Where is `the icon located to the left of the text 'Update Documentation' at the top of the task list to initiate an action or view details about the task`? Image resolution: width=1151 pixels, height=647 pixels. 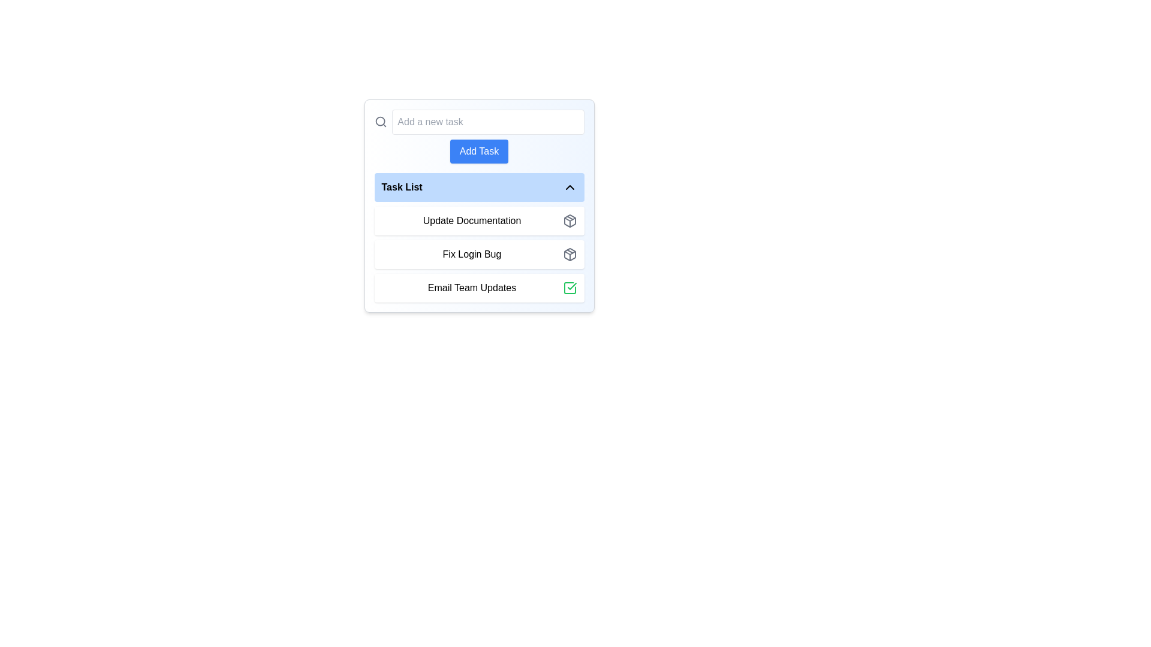
the icon located to the left of the text 'Update Documentation' at the top of the task list to initiate an action or view details about the task is located at coordinates (569, 221).